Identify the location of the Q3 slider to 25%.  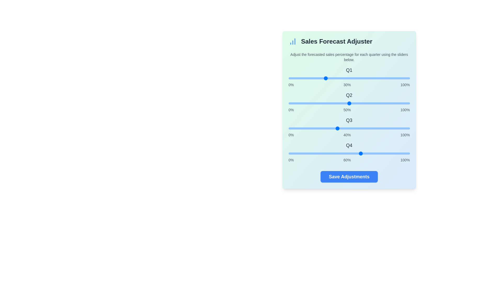
(318, 128).